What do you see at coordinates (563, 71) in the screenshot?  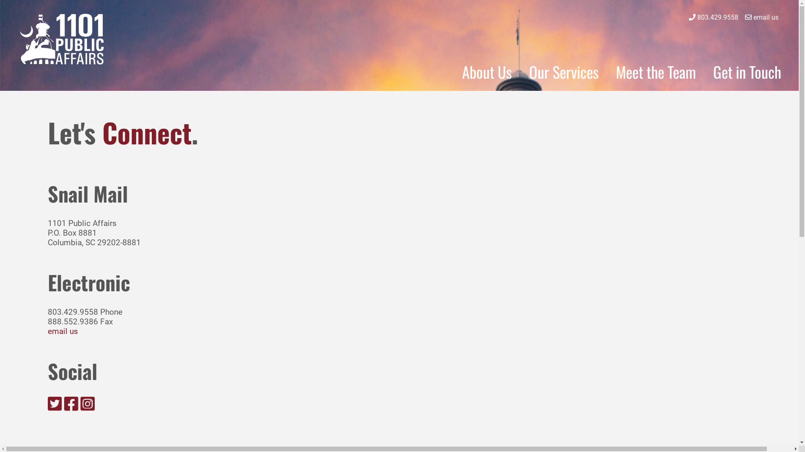 I see `'Our Services'` at bounding box center [563, 71].